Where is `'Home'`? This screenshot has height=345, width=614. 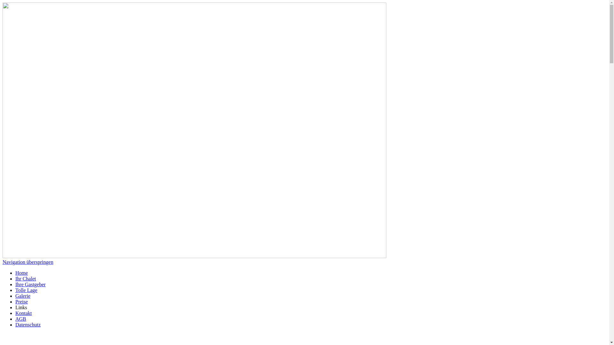
'Home' is located at coordinates (21, 273).